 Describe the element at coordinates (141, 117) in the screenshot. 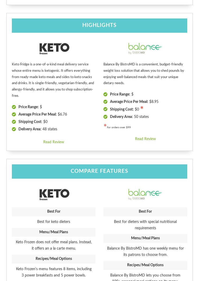

I see `'50 states'` at that location.